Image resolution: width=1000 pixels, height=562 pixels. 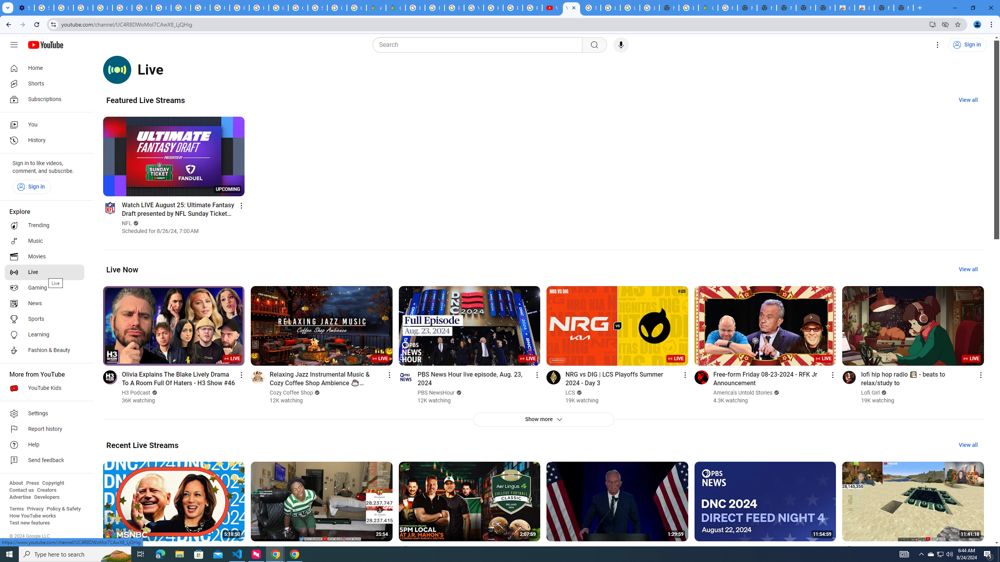 I want to click on 'Delete photos & videos - Computer - Google Photos Help', so click(x=63, y=7).